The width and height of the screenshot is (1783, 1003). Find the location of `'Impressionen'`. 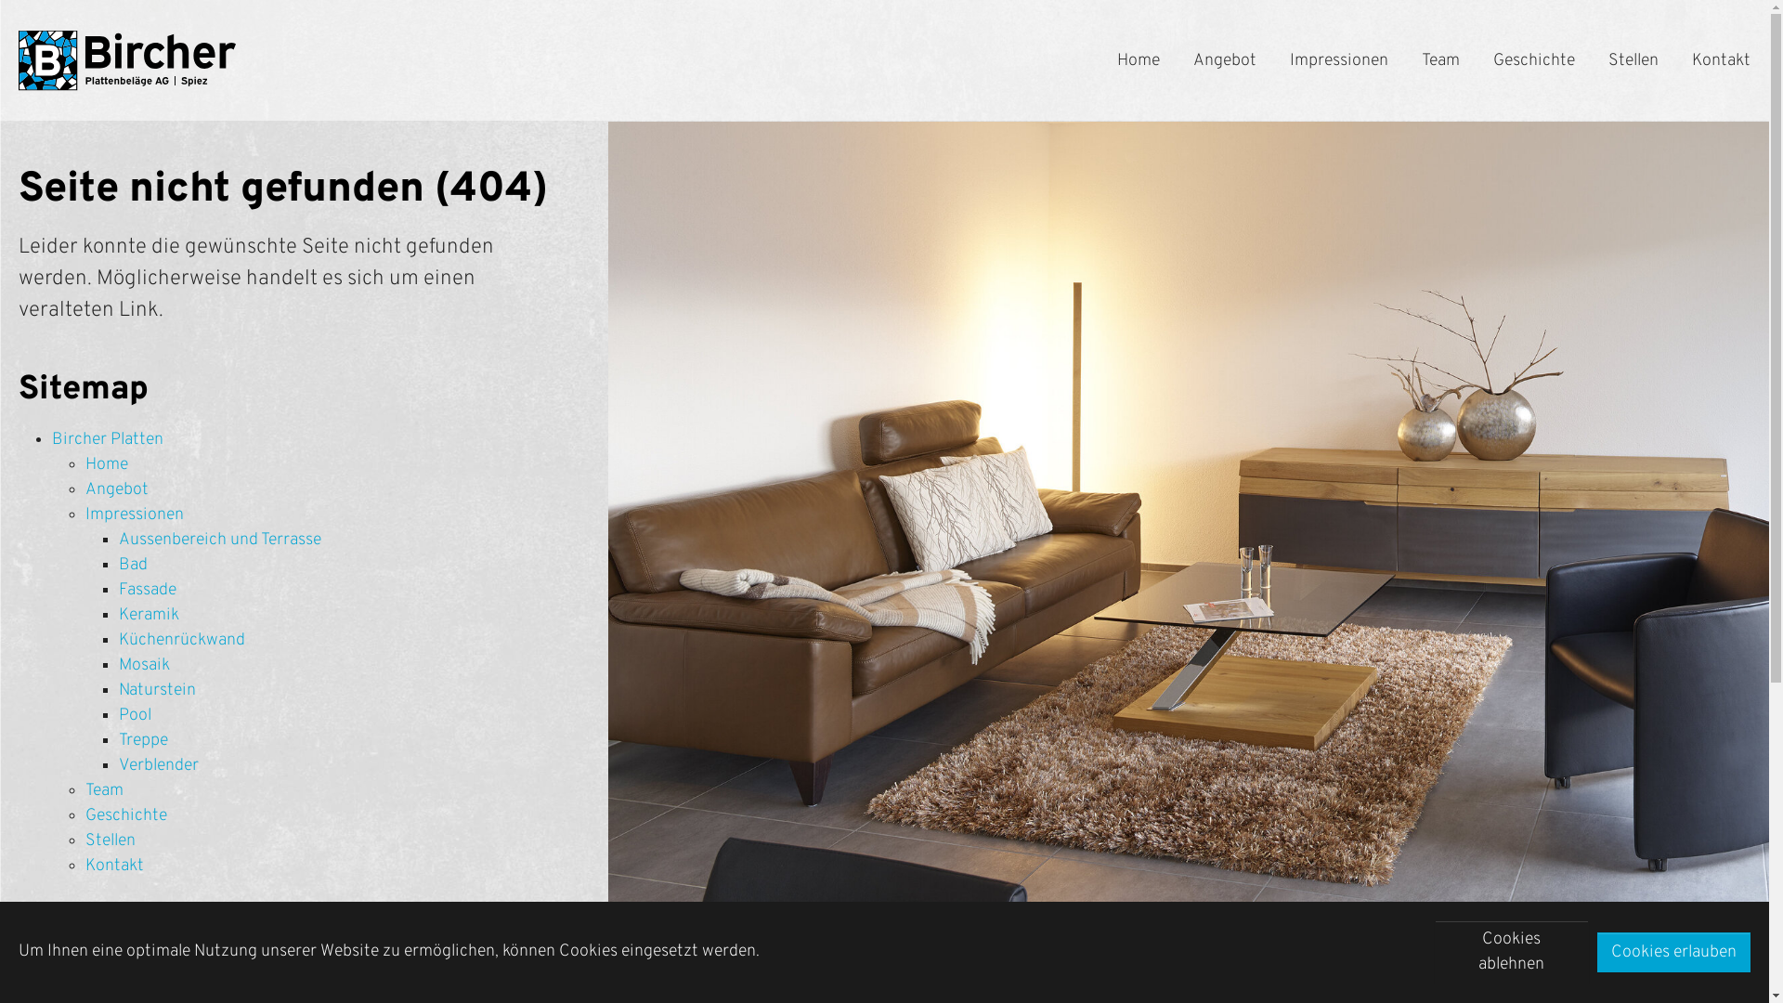

'Impressionen' is located at coordinates (1338, 59).